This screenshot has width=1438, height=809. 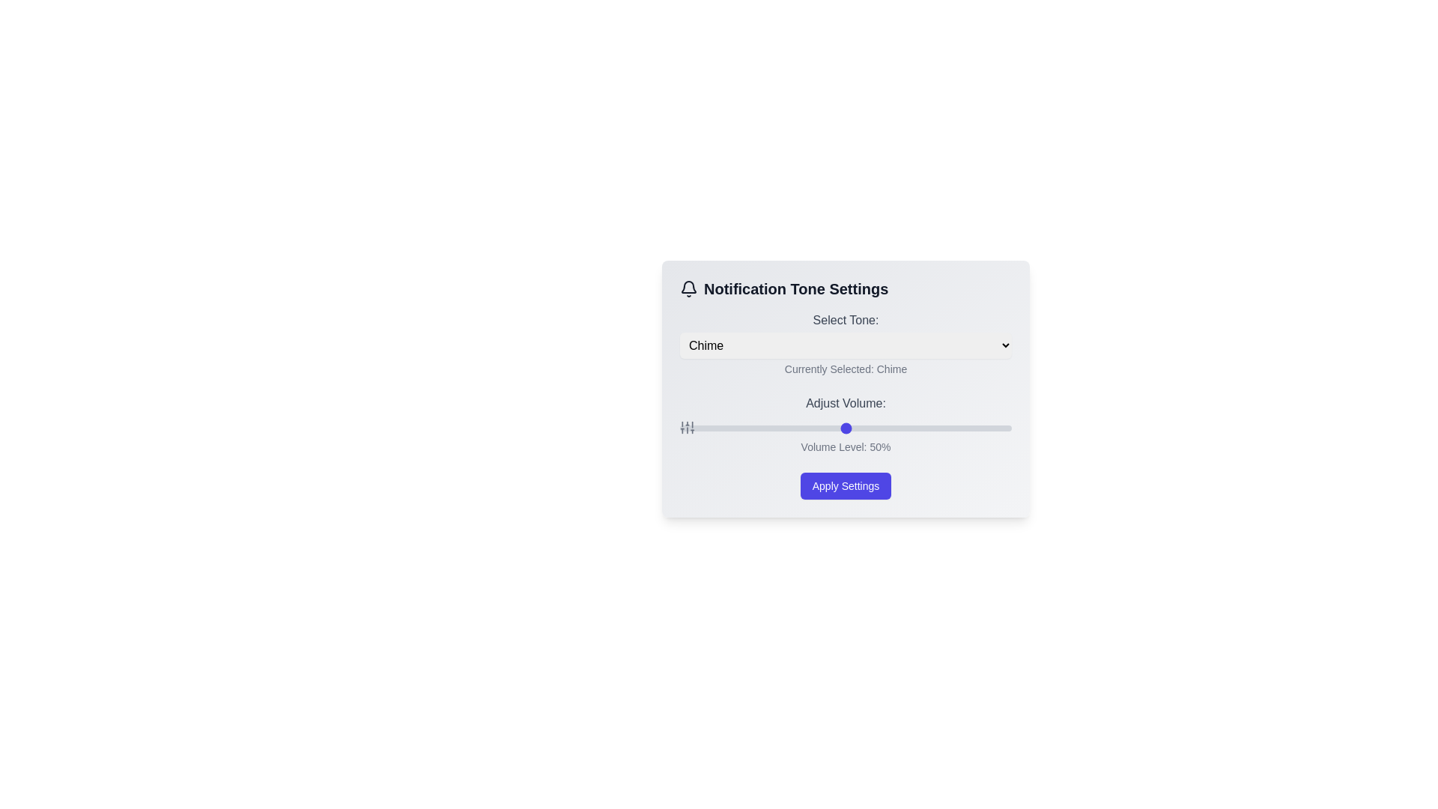 I want to click on the volume level, so click(x=759, y=428).